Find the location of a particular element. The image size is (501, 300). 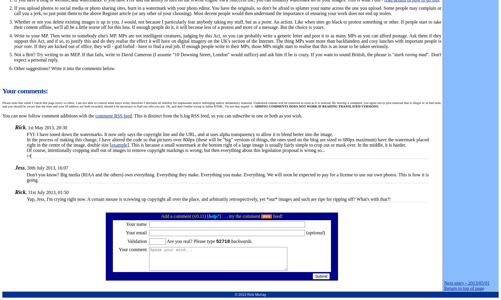

'backwards' is located at coordinates (241, 241).